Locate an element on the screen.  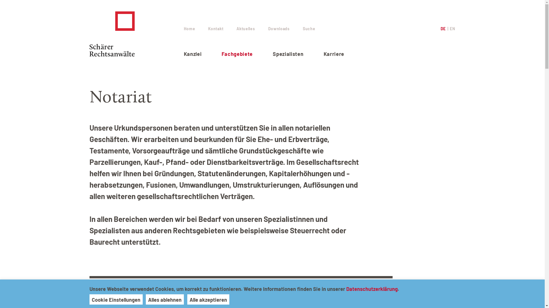
'Suche' is located at coordinates (309, 29).